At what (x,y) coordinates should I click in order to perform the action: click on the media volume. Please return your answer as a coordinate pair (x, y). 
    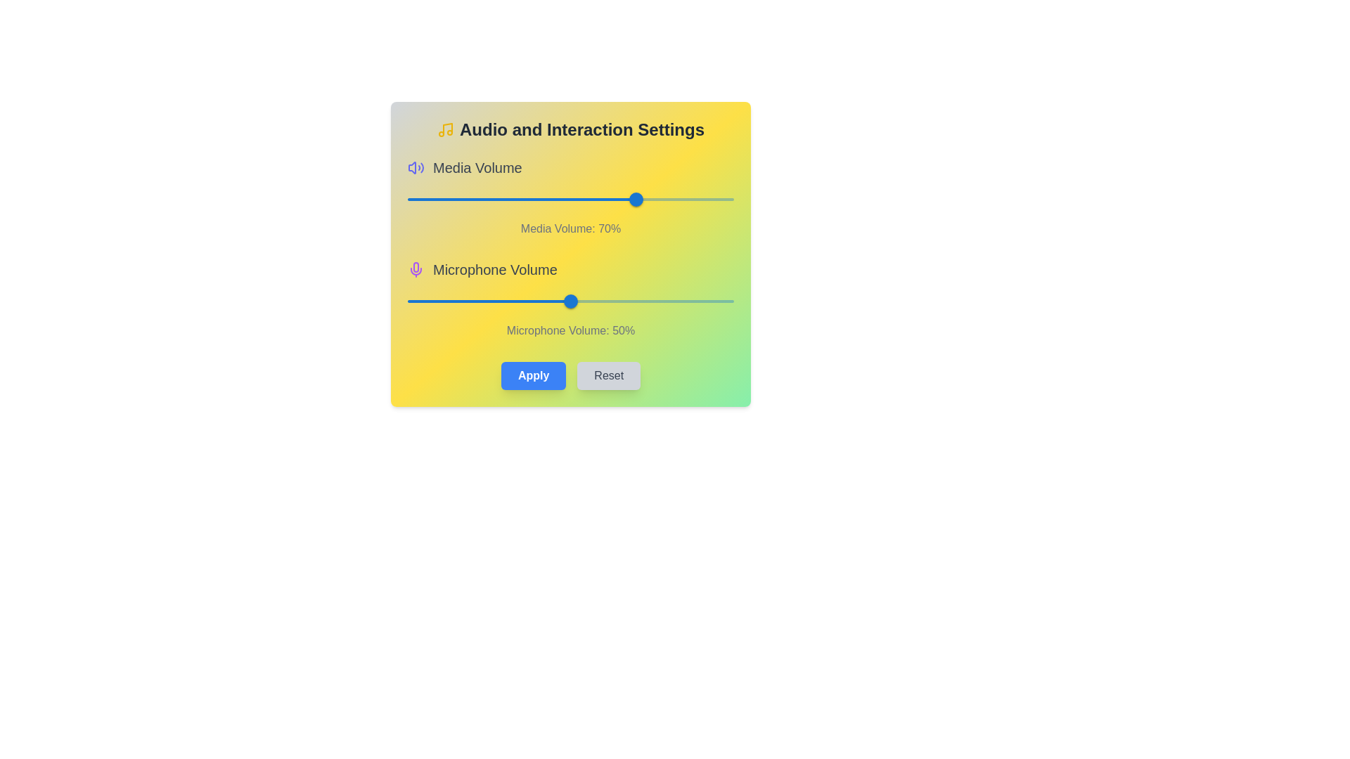
    Looking at the image, I should click on (426, 200).